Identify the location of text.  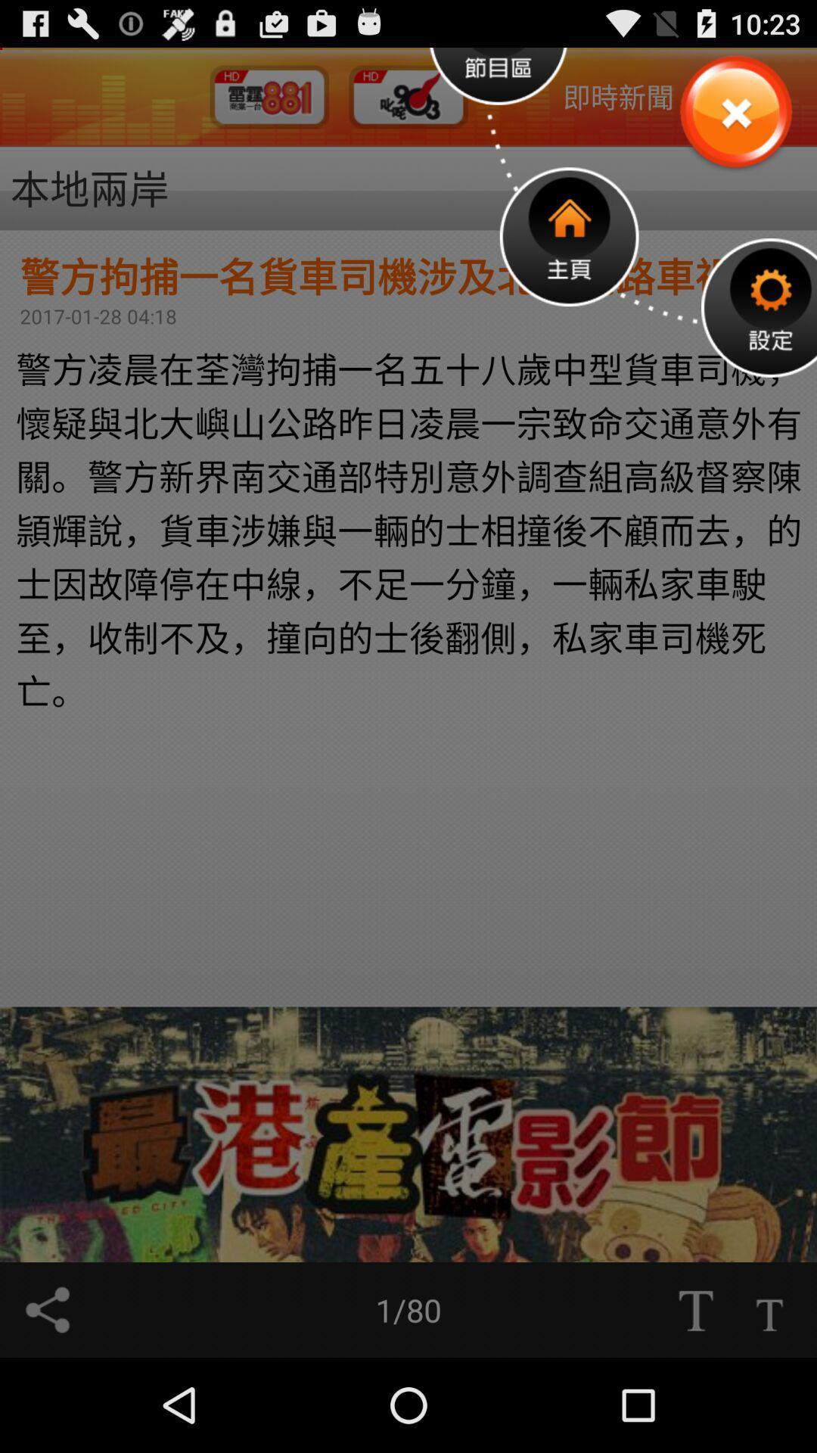
(695, 1309).